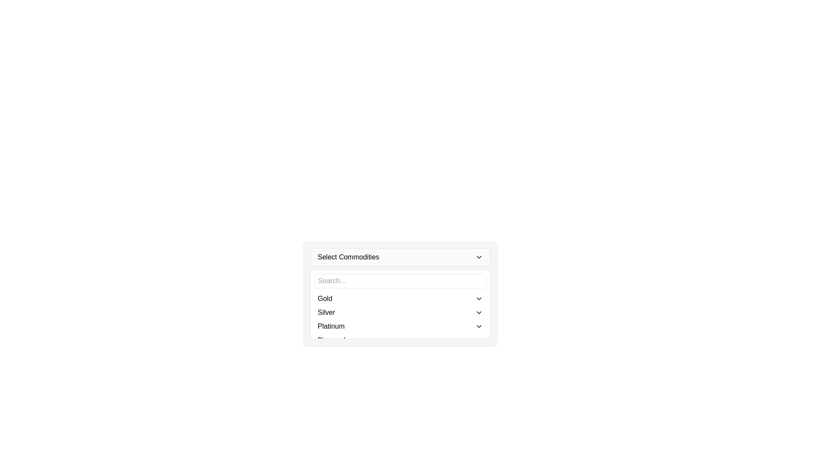 The width and height of the screenshot is (831, 467). What do you see at coordinates (479, 298) in the screenshot?
I see `the dropdown icon located to the right of the text 'Gold' for keyboard navigation` at bounding box center [479, 298].